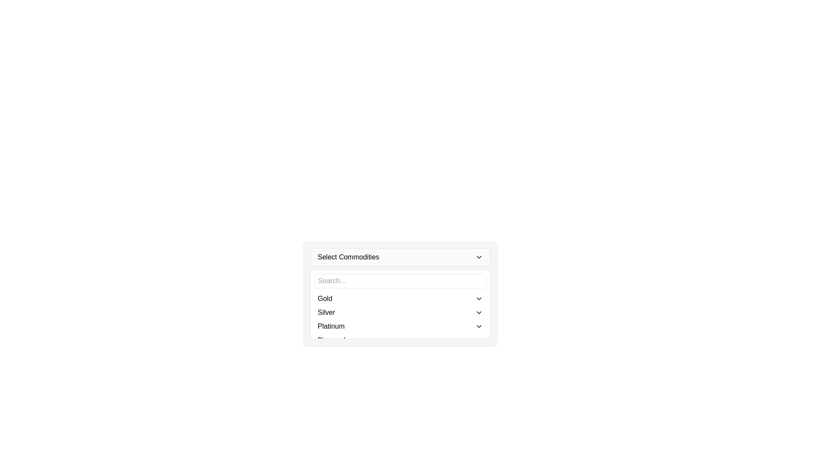 The width and height of the screenshot is (831, 467). What do you see at coordinates (479, 298) in the screenshot?
I see `the dropdown icon located to the right of the text 'Gold' for keyboard navigation` at bounding box center [479, 298].